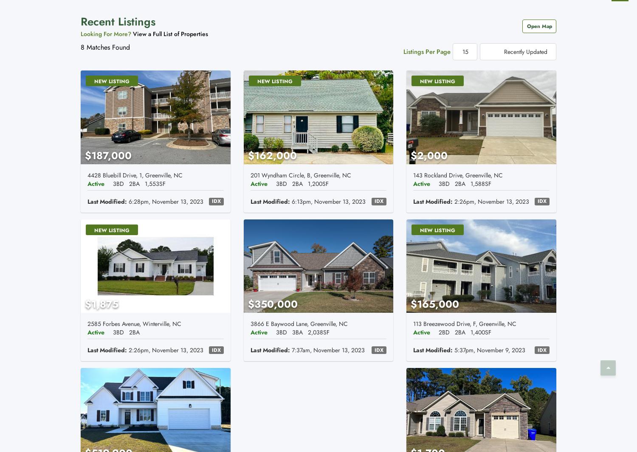 The height and width of the screenshot is (452, 637). What do you see at coordinates (435, 304) in the screenshot?
I see `'$165,000'` at bounding box center [435, 304].